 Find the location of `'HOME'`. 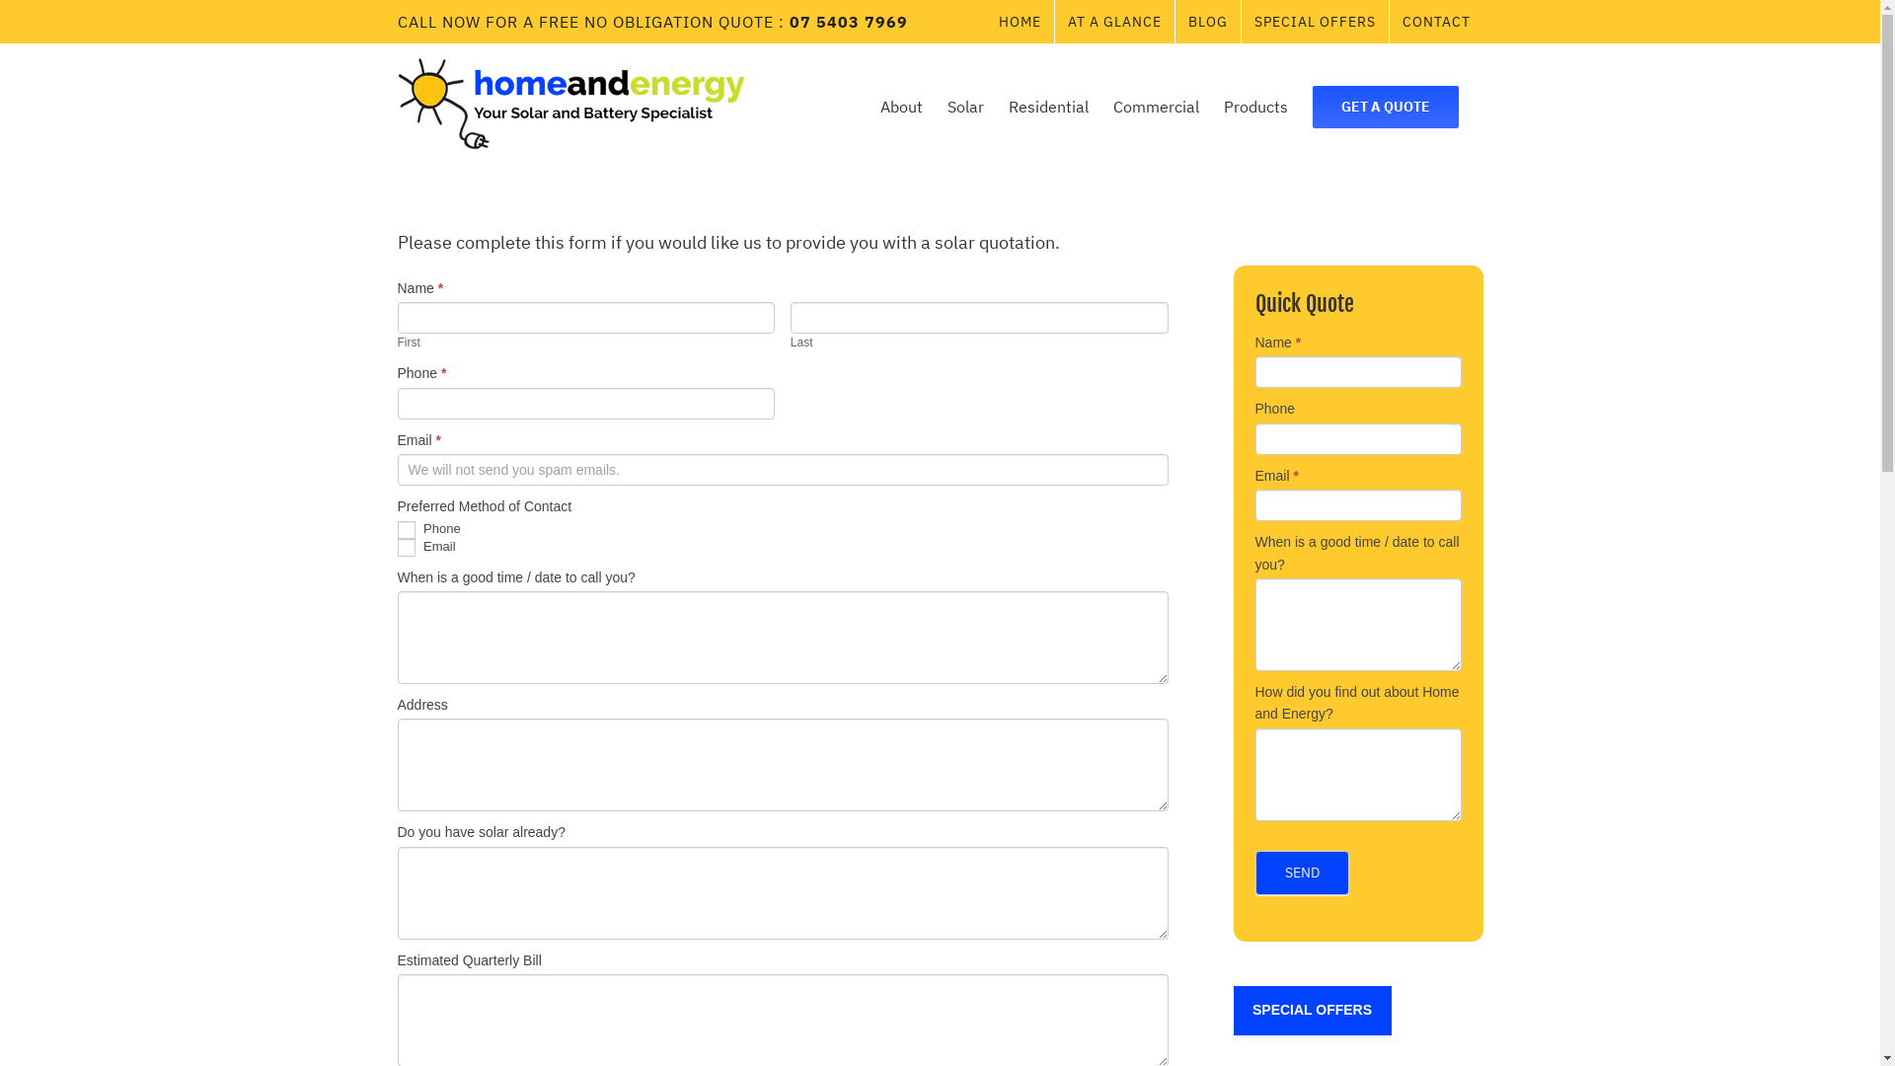

'HOME' is located at coordinates (985, 22).